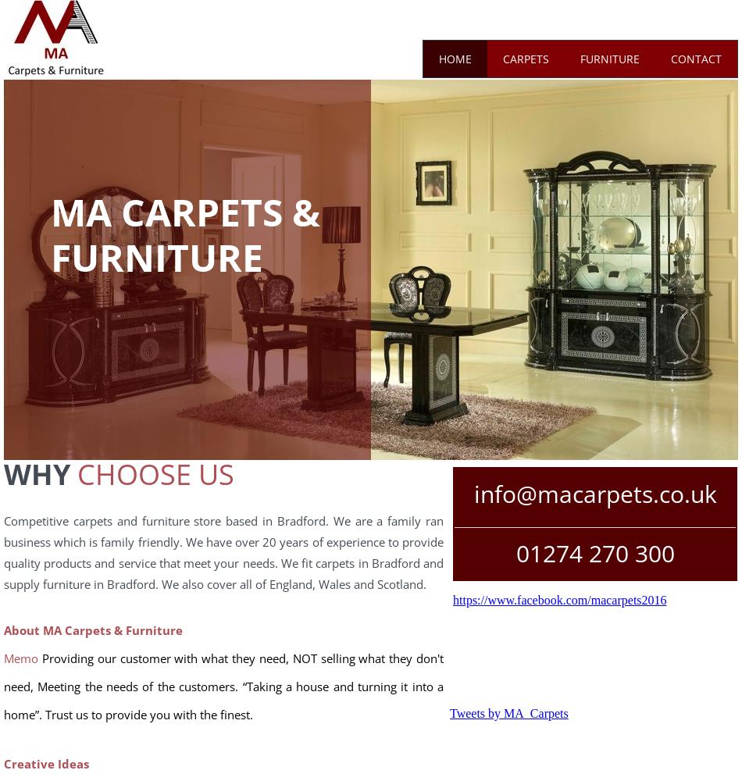 This screenshot has height=781, width=742. What do you see at coordinates (558, 600) in the screenshot?
I see `'https://www.facebook.com/macarpets2016'` at bounding box center [558, 600].